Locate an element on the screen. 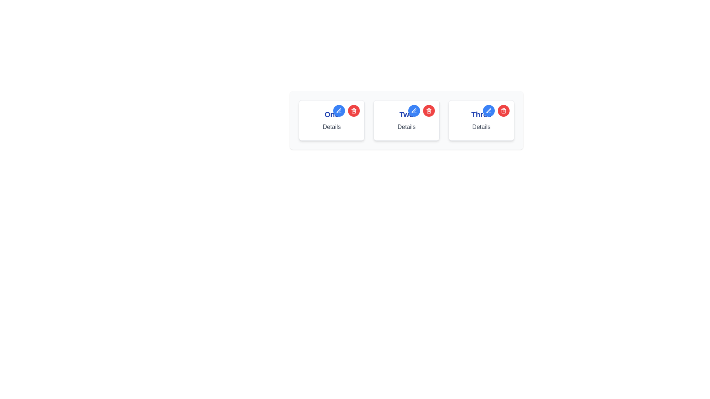  the primary text label containing the word 'One', which is styled in bold and large blue font at the top of the first card is located at coordinates (331, 114).